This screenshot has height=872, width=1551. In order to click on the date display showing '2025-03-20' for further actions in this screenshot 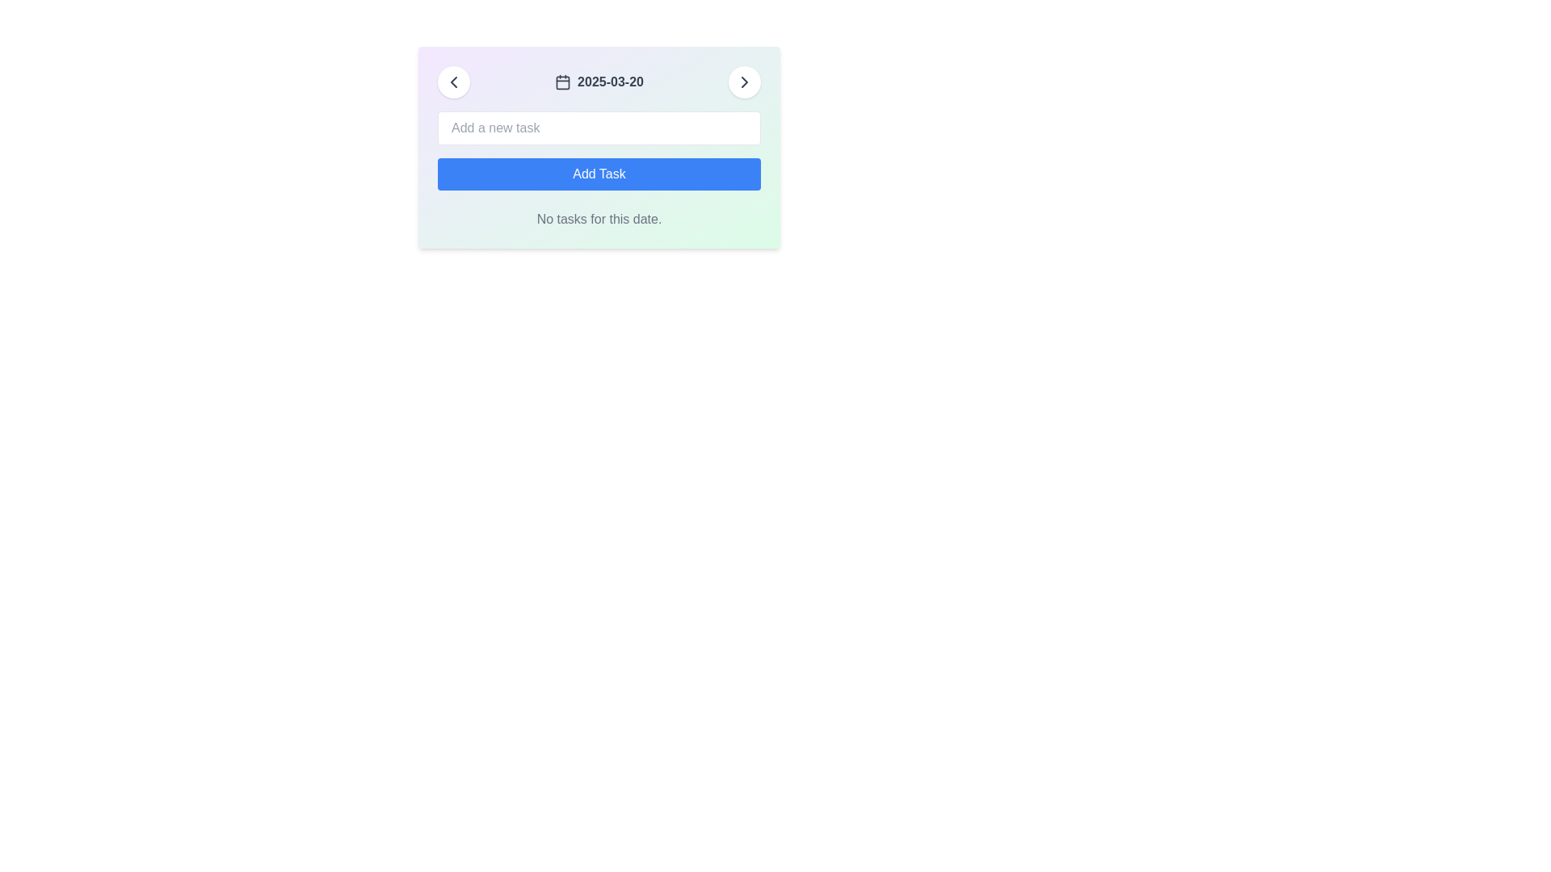, I will do `click(599, 82)`.